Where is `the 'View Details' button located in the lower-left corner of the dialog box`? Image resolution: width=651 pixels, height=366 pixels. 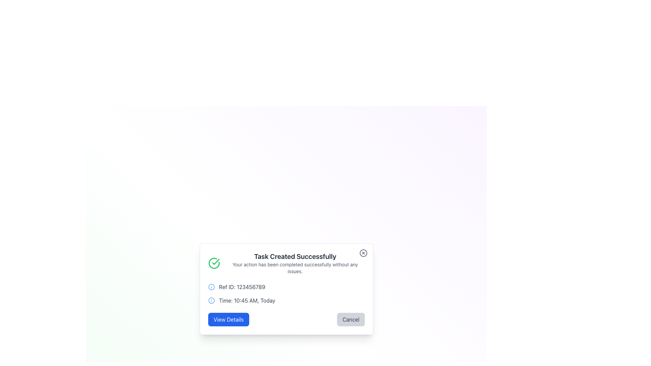
the 'View Details' button located in the lower-left corner of the dialog box is located at coordinates (229, 319).